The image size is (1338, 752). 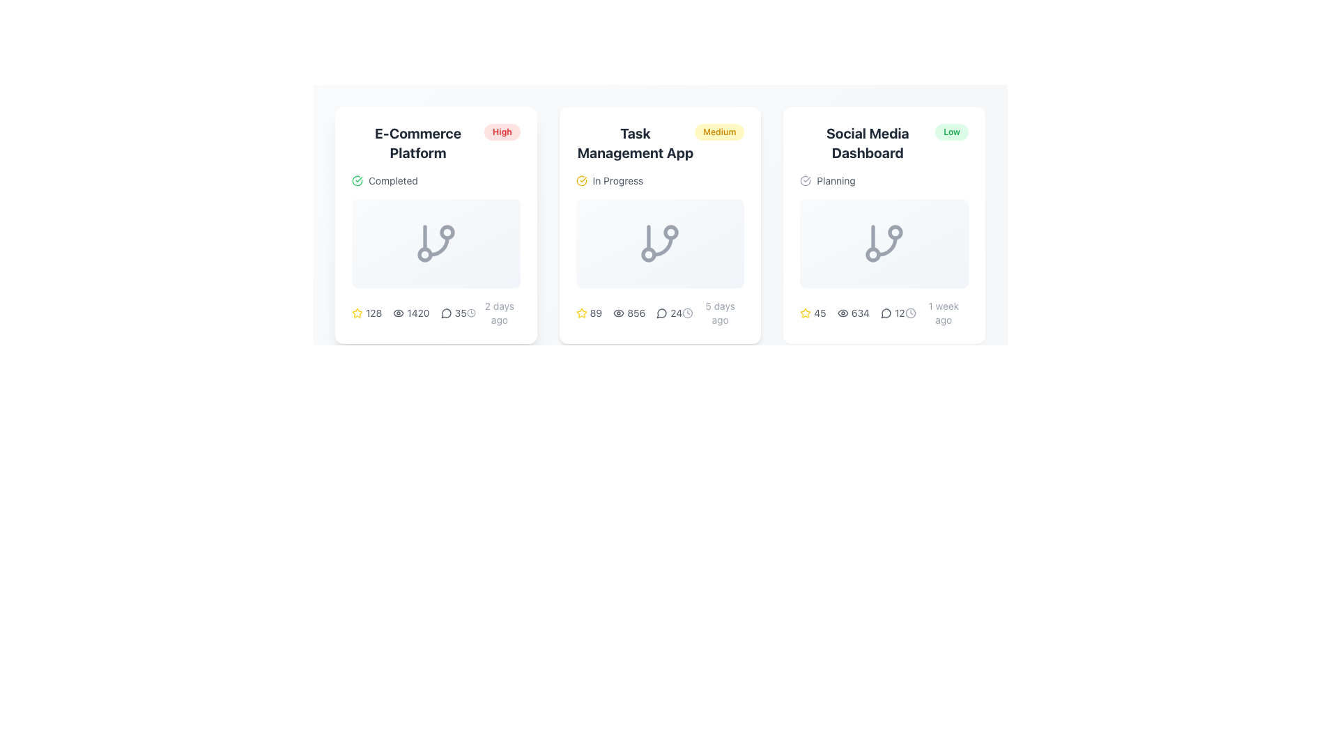 I want to click on the informational text label displaying the time elapsed since the last update on the 'Social Media Dashboard', located at the far-right side of the card, so click(x=944, y=313).